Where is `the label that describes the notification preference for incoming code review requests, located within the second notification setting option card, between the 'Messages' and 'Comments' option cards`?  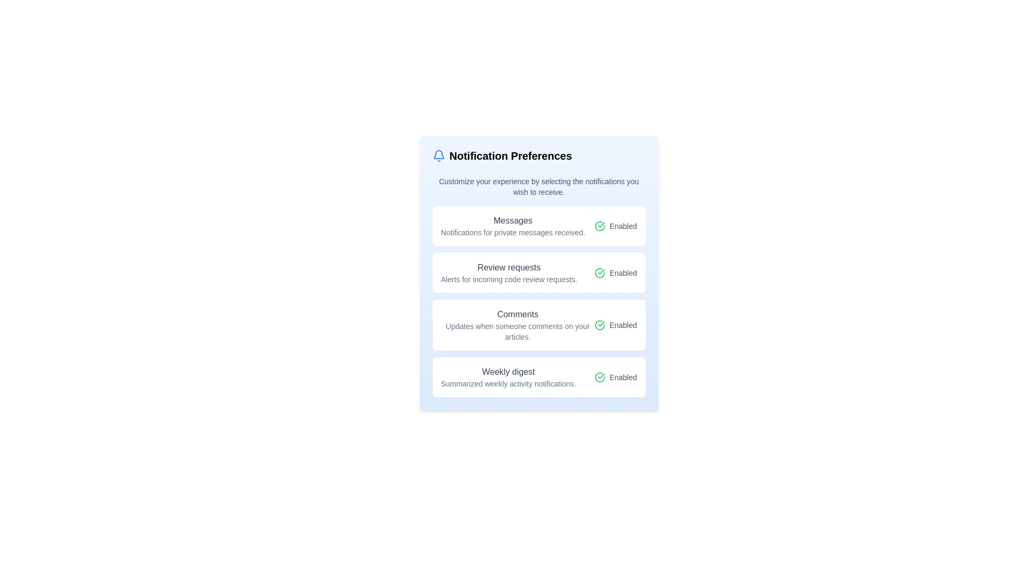 the label that describes the notification preference for incoming code review requests, located within the second notification setting option card, between the 'Messages' and 'Comments' option cards is located at coordinates (508, 273).